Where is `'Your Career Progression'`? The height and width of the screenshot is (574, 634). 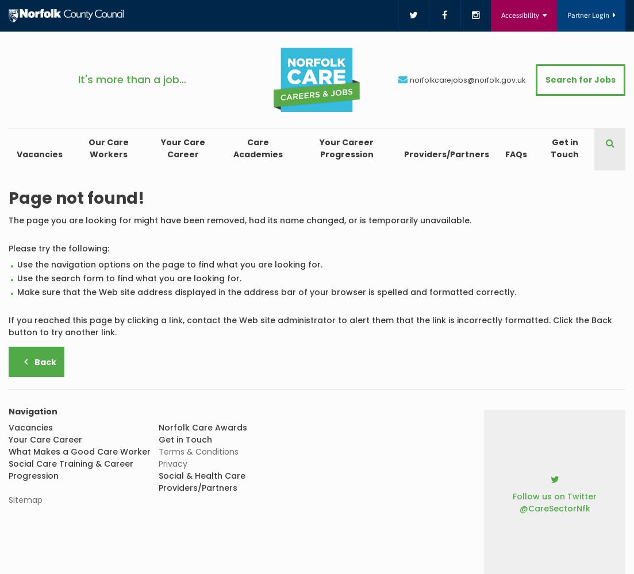
'Your Career Progression' is located at coordinates (346, 148).